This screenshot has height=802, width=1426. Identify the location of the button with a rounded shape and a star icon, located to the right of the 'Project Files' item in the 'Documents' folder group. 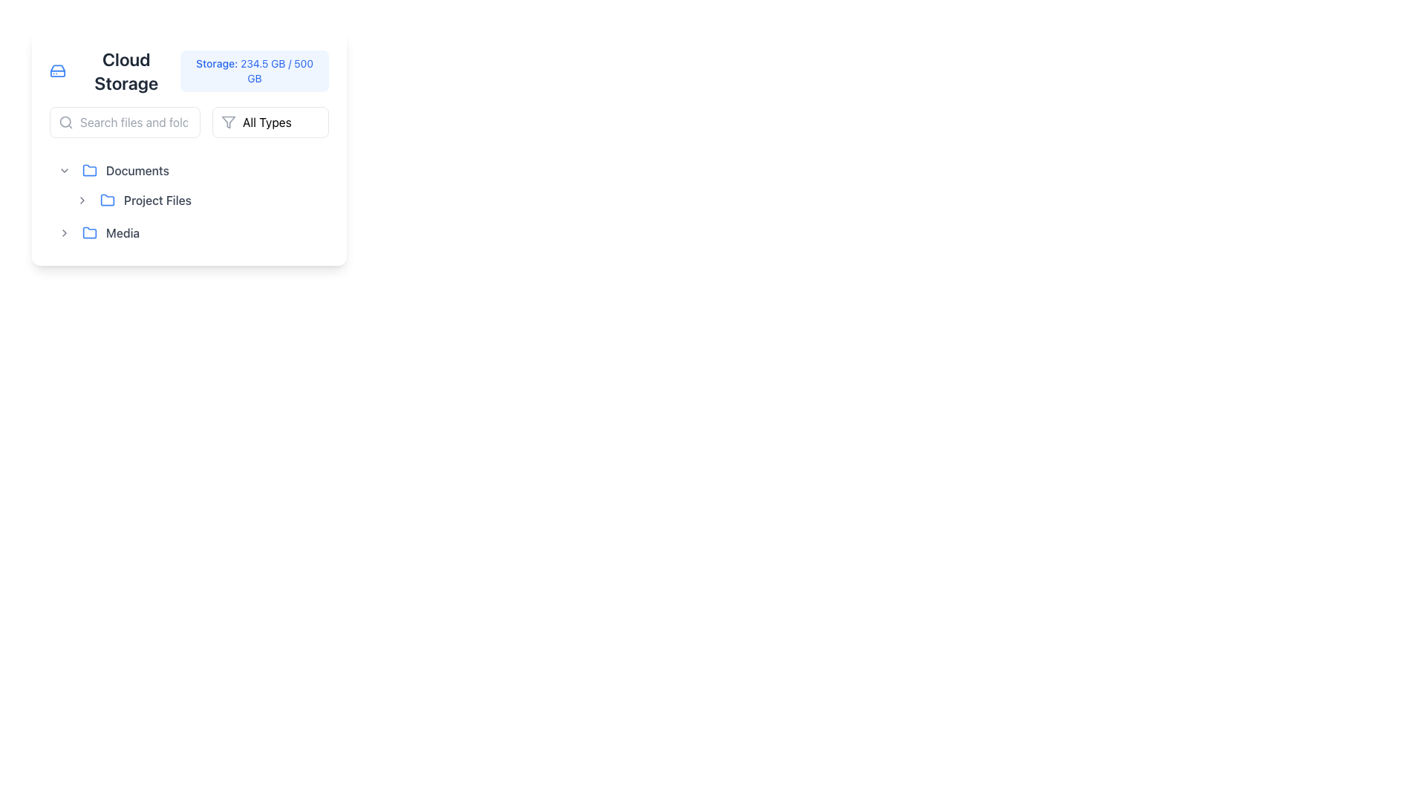
(287, 200).